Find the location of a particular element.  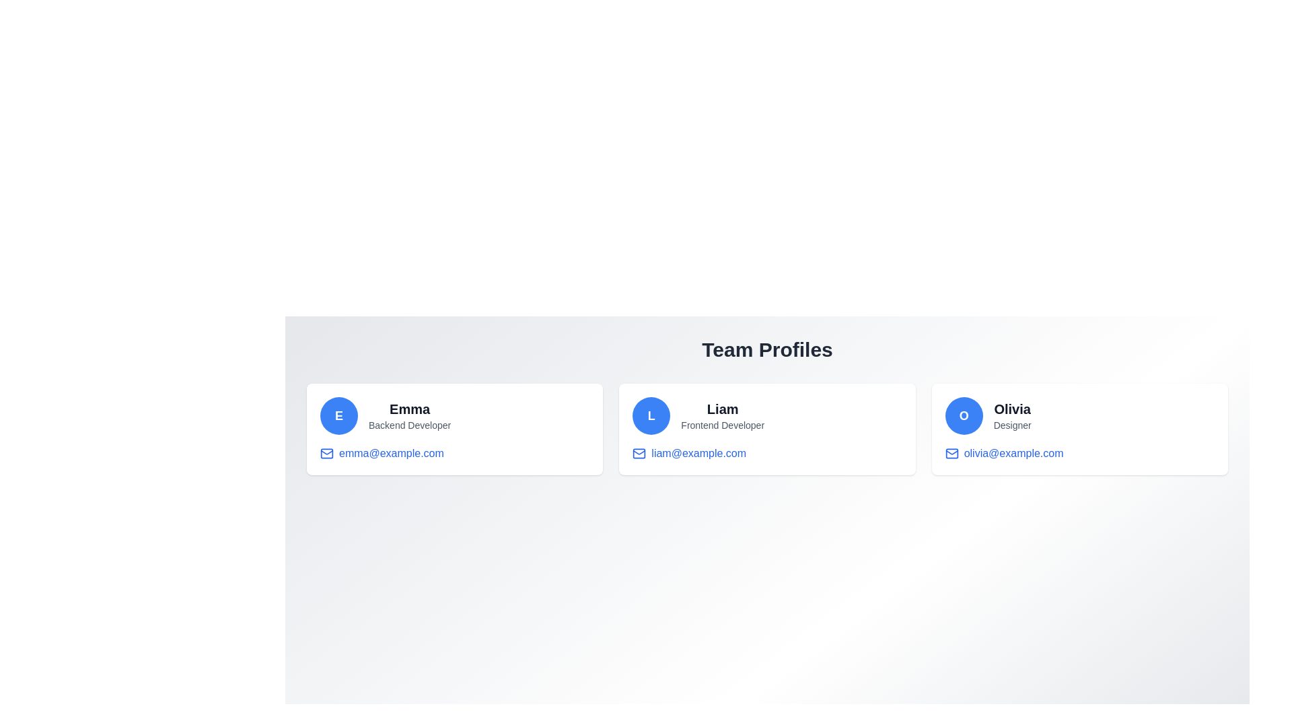

the circular badge representing user 'Olivia', located at the top left corner of her profile card in the third position of a horizontal list is located at coordinates (963, 415).